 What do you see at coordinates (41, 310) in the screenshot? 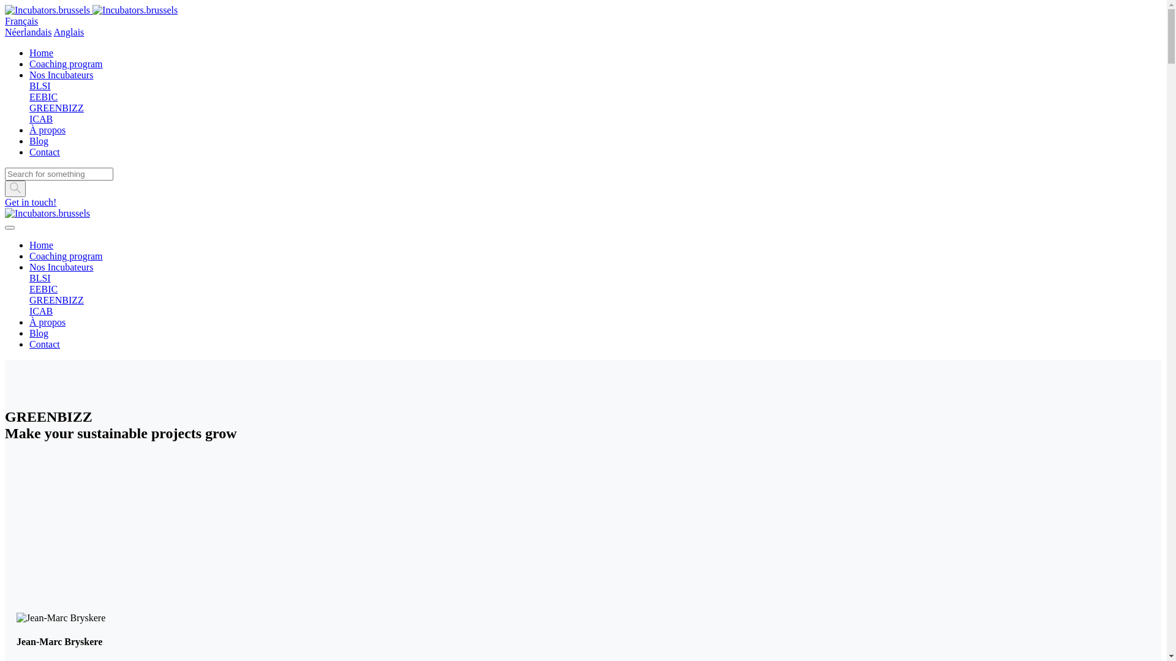
I see `'ICAB'` at bounding box center [41, 310].